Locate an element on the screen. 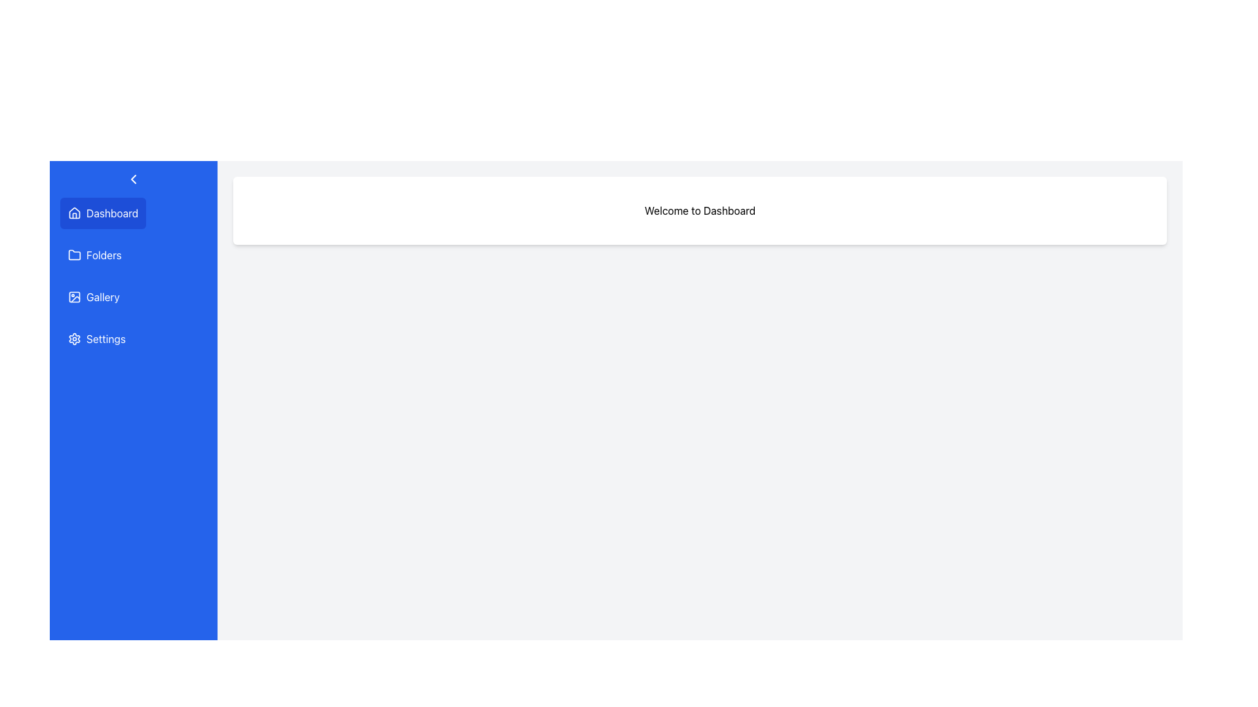 The image size is (1258, 707). the left-oriented vector arrow icon located in the top-left corner of the blue sidebar is located at coordinates (133, 179).